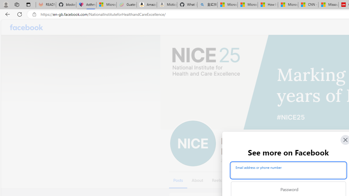  Describe the element at coordinates (308, 5) in the screenshot. I see `'CNN - MSN'` at that location.